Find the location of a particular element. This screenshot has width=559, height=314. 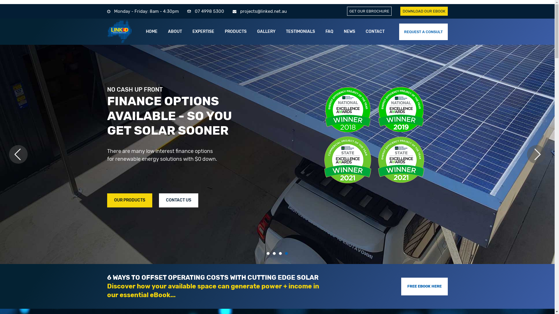

'3' is located at coordinates (279, 253).